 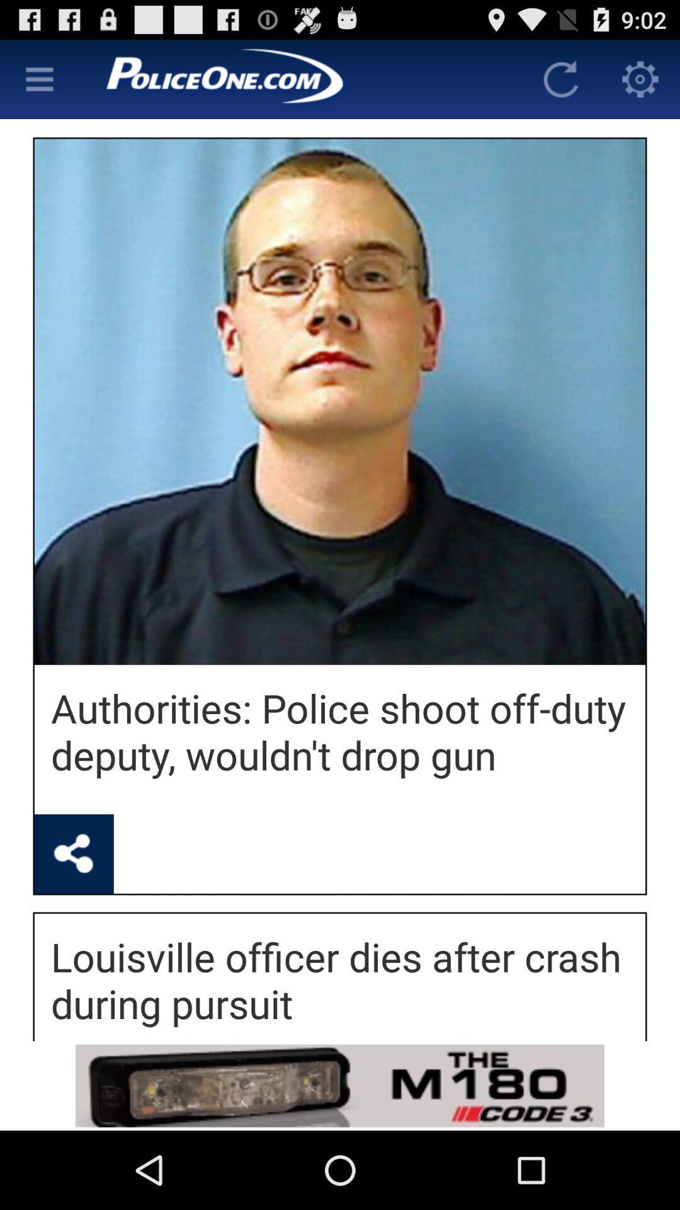 I want to click on settings, so click(x=640, y=78).